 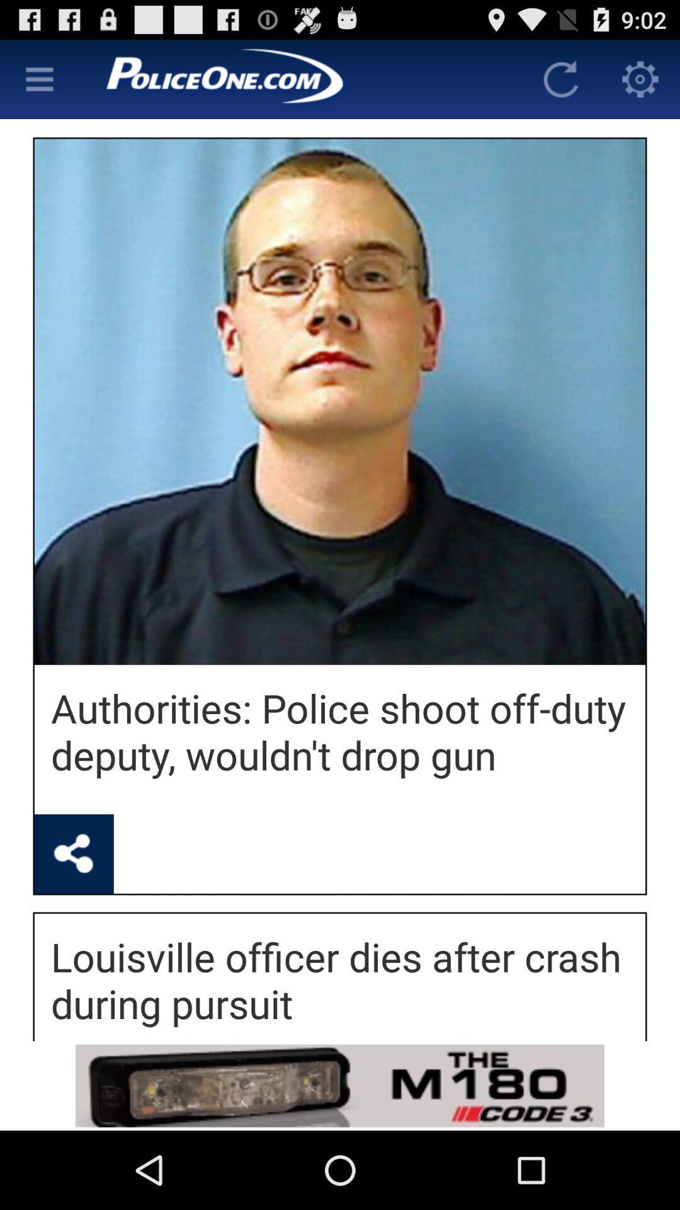 I want to click on settings, so click(x=640, y=78).